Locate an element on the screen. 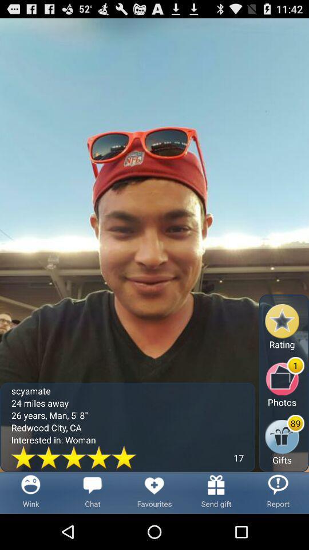 This screenshot has width=309, height=550. icon to the right of the send gift icon is located at coordinates (278, 492).